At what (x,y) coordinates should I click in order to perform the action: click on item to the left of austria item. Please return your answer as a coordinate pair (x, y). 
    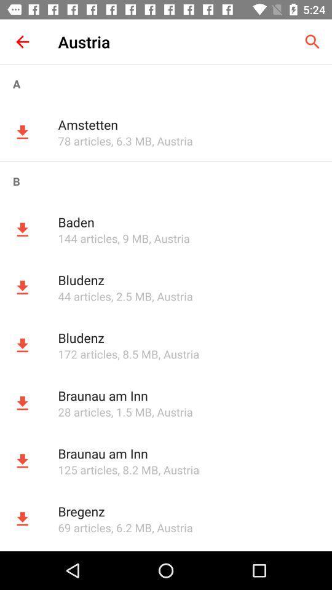
    Looking at the image, I should click on (22, 42).